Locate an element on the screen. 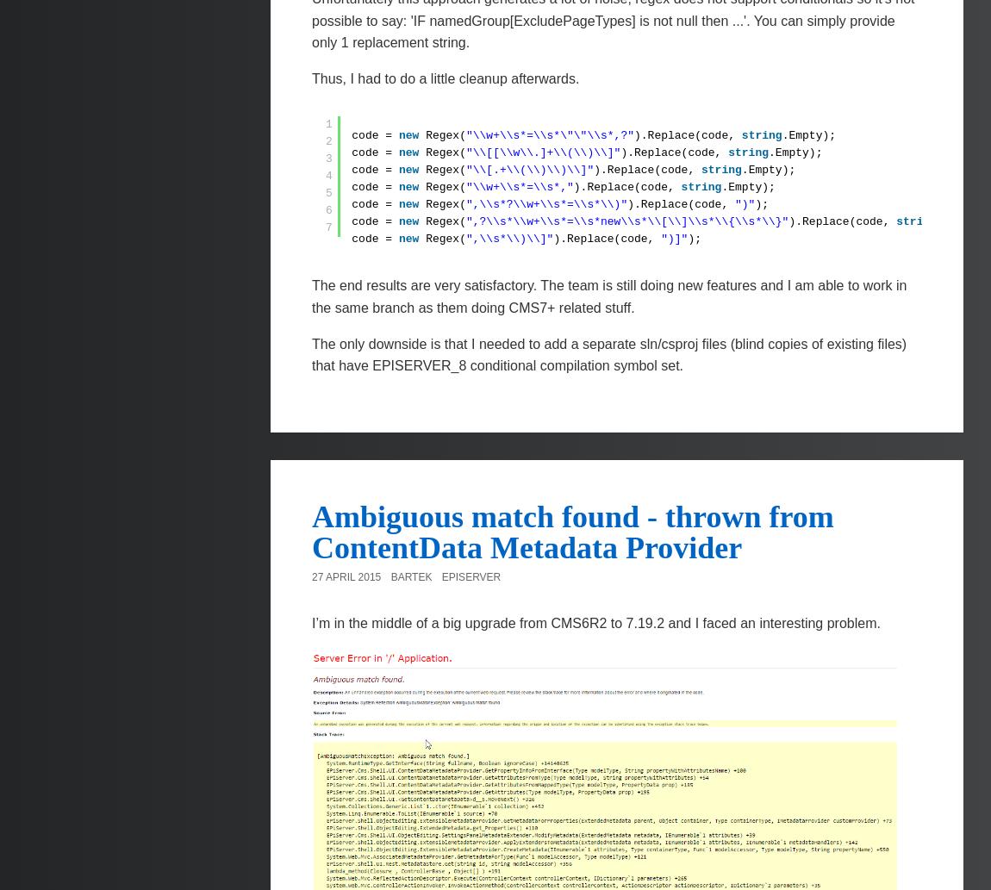 This screenshot has height=890, width=991. 'The end results are very satisfactory. The team is still doing new features and I am able to work in the same branch as them doing CMS7+ related stuff.' is located at coordinates (312, 296).